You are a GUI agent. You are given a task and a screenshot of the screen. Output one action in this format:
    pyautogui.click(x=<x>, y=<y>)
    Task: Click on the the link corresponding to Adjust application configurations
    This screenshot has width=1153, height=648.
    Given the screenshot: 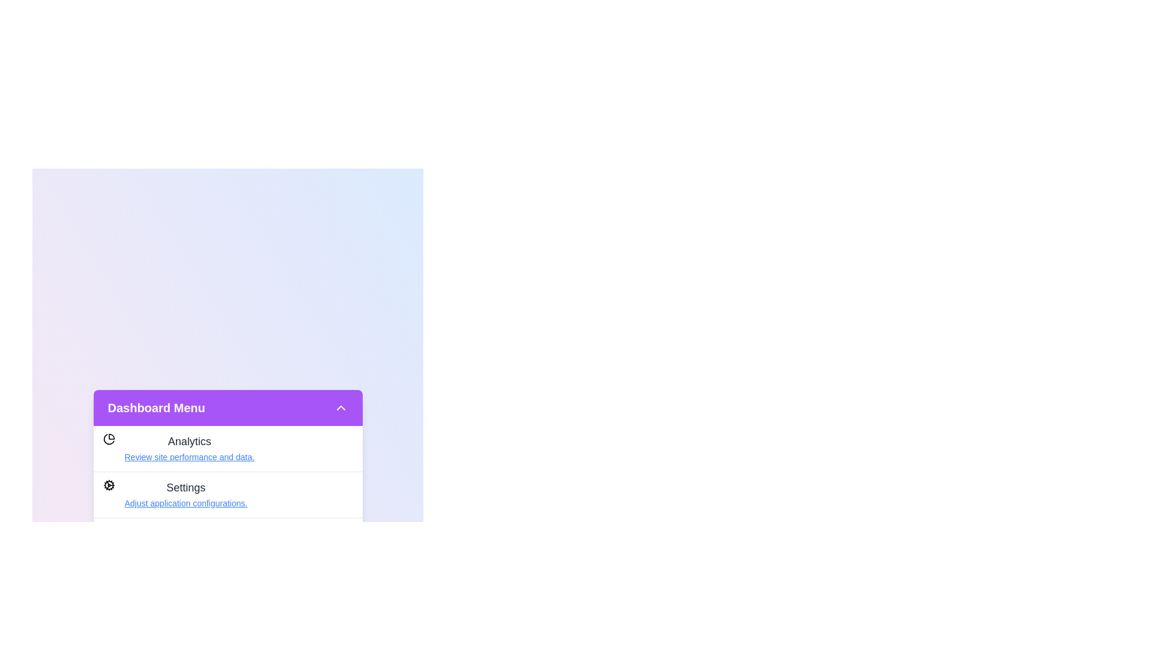 What is the action you would take?
    pyautogui.click(x=185, y=503)
    